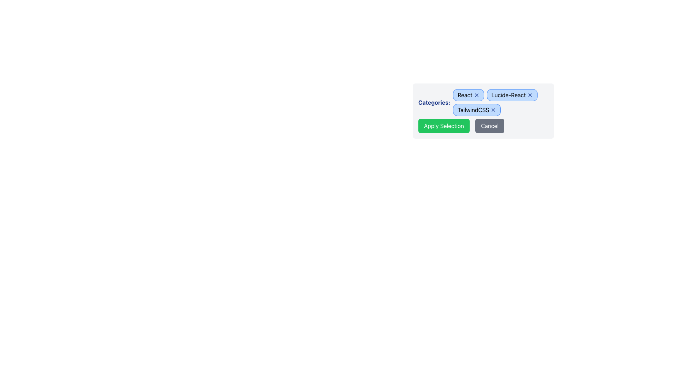  I want to click on the first selectable tag labeled 'React' with a close button, which has a blue background and is pill-shaped, so click(468, 95).